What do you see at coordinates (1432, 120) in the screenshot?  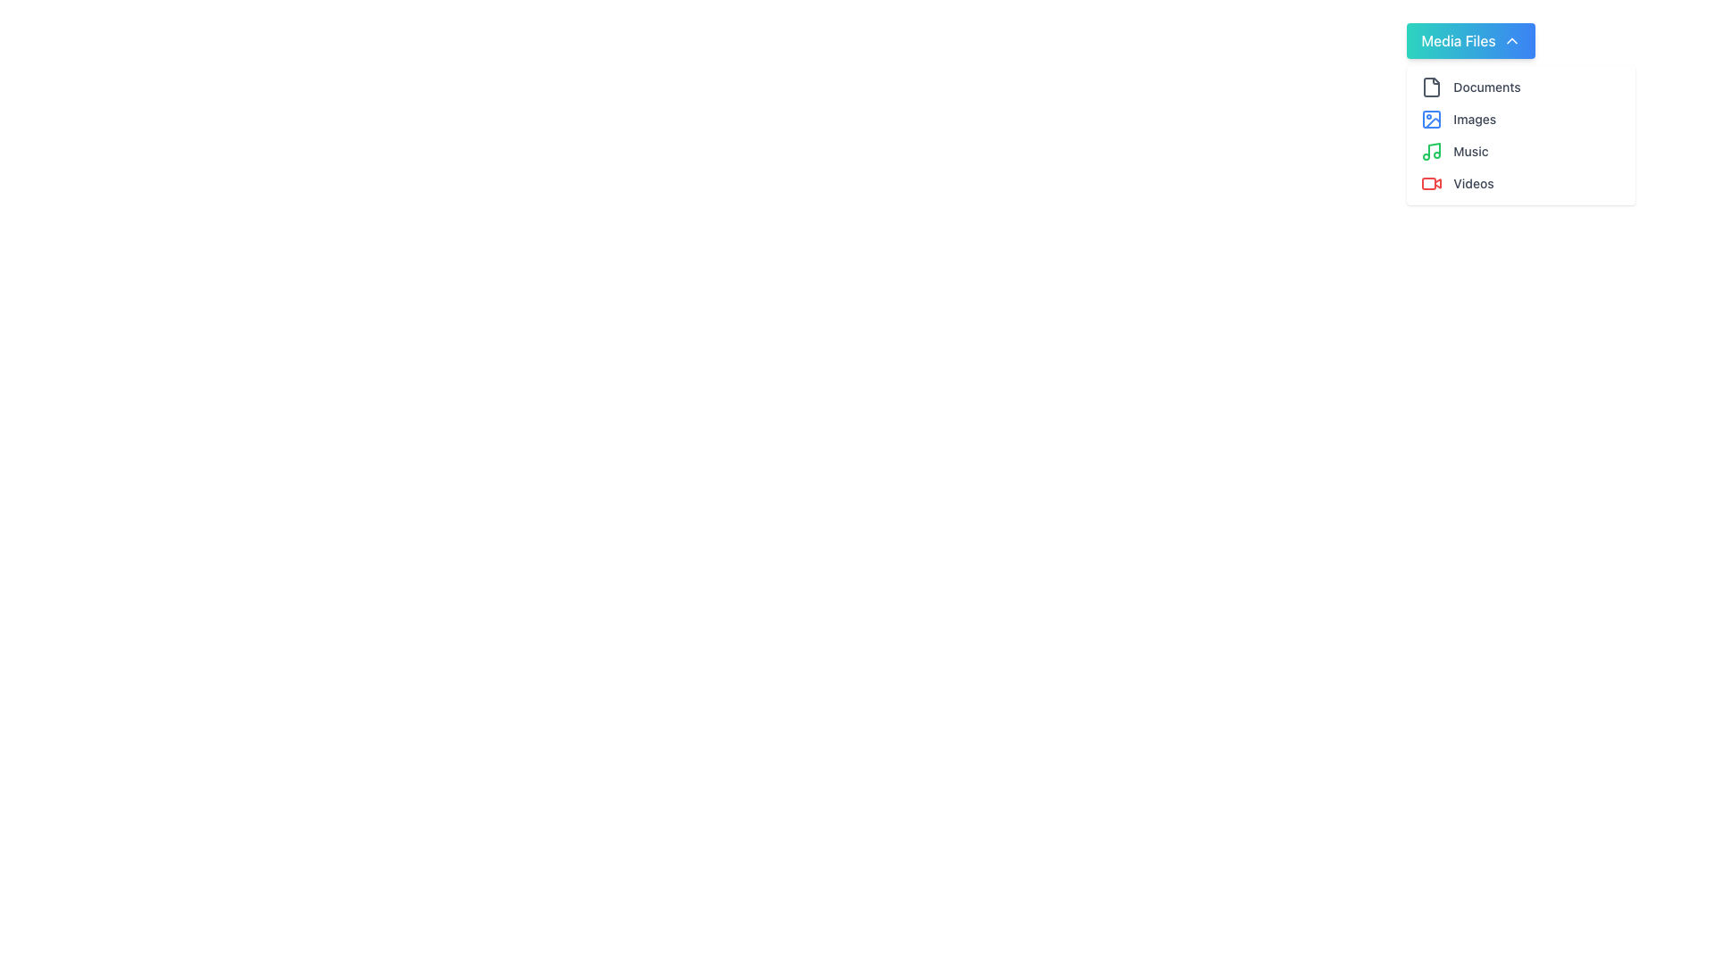 I see `the blue image icon within the 'Media Files' menu associated with the 'Images' option` at bounding box center [1432, 120].